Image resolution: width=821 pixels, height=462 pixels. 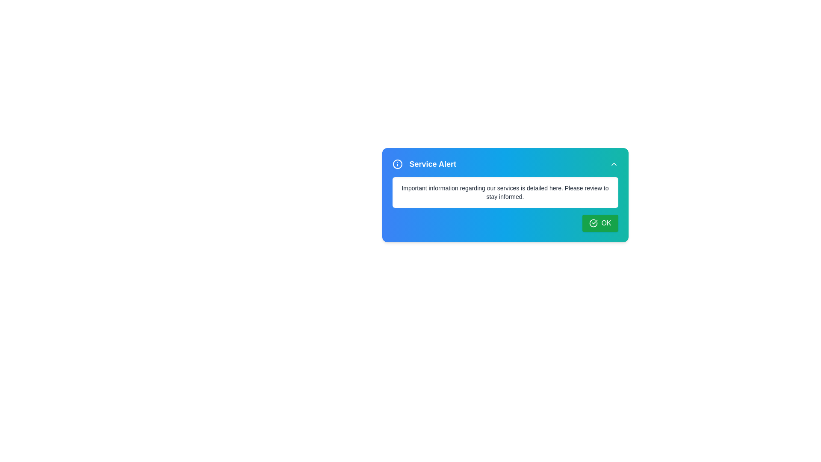 What do you see at coordinates (613, 164) in the screenshot?
I see `the toggle button to expand or collapse the notification content` at bounding box center [613, 164].